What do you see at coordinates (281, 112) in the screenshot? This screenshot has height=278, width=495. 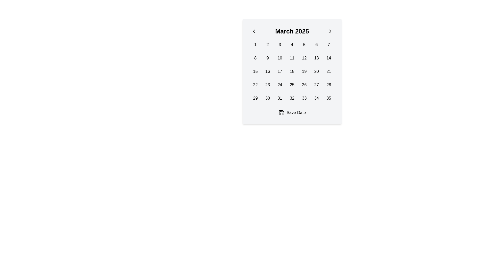 I see `the upper portion of the save icon located near the 'Save Date' label at the bottom of the calendar interface` at bounding box center [281, 112].